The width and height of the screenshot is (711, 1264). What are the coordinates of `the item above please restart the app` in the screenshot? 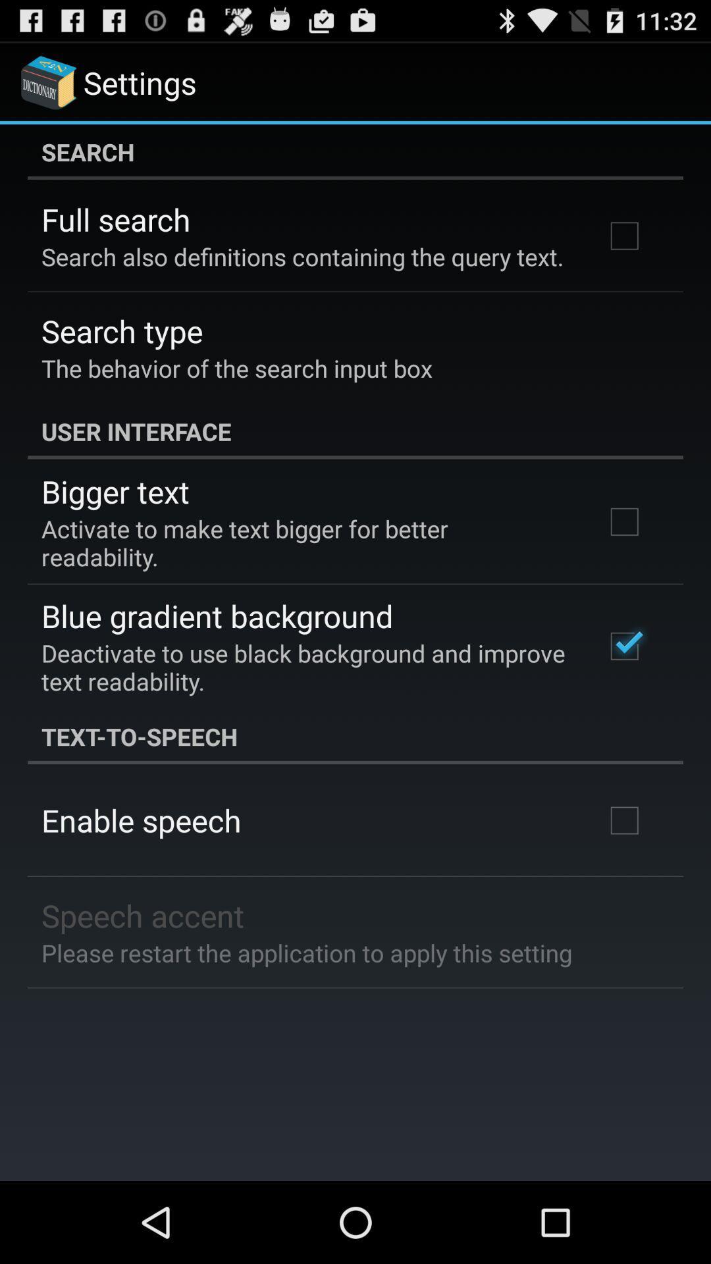 It's located at (143, 914).